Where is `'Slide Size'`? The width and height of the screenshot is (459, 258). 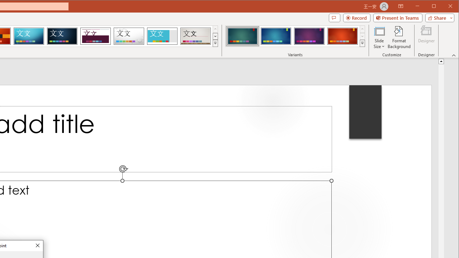
'Slide Size' is located at coordinates (379, 37).